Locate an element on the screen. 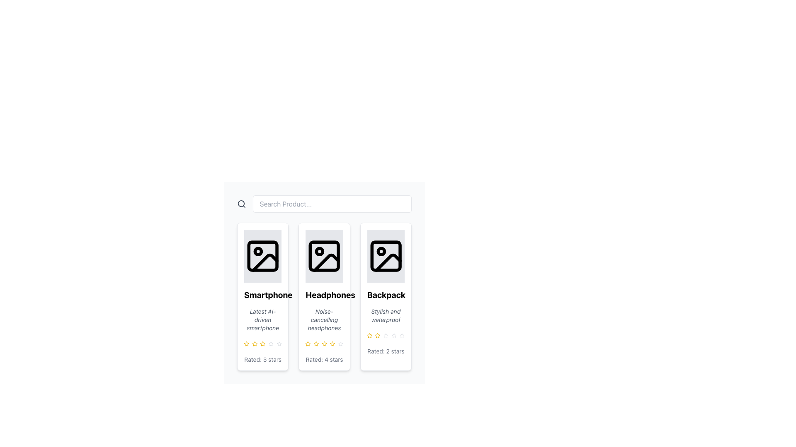  the text label that provides a description or tagline for the product displayed in the card, located beneath the title 'Smartphone' is located at coordinates (262, 319).